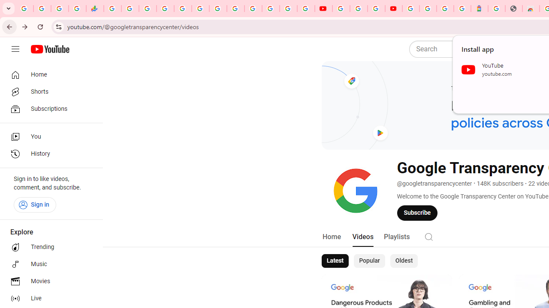 This screenshot has width=549, height=308. Describe the element at coordinates (48, 281) in the screenshot. I see `'Movies'` at that location.